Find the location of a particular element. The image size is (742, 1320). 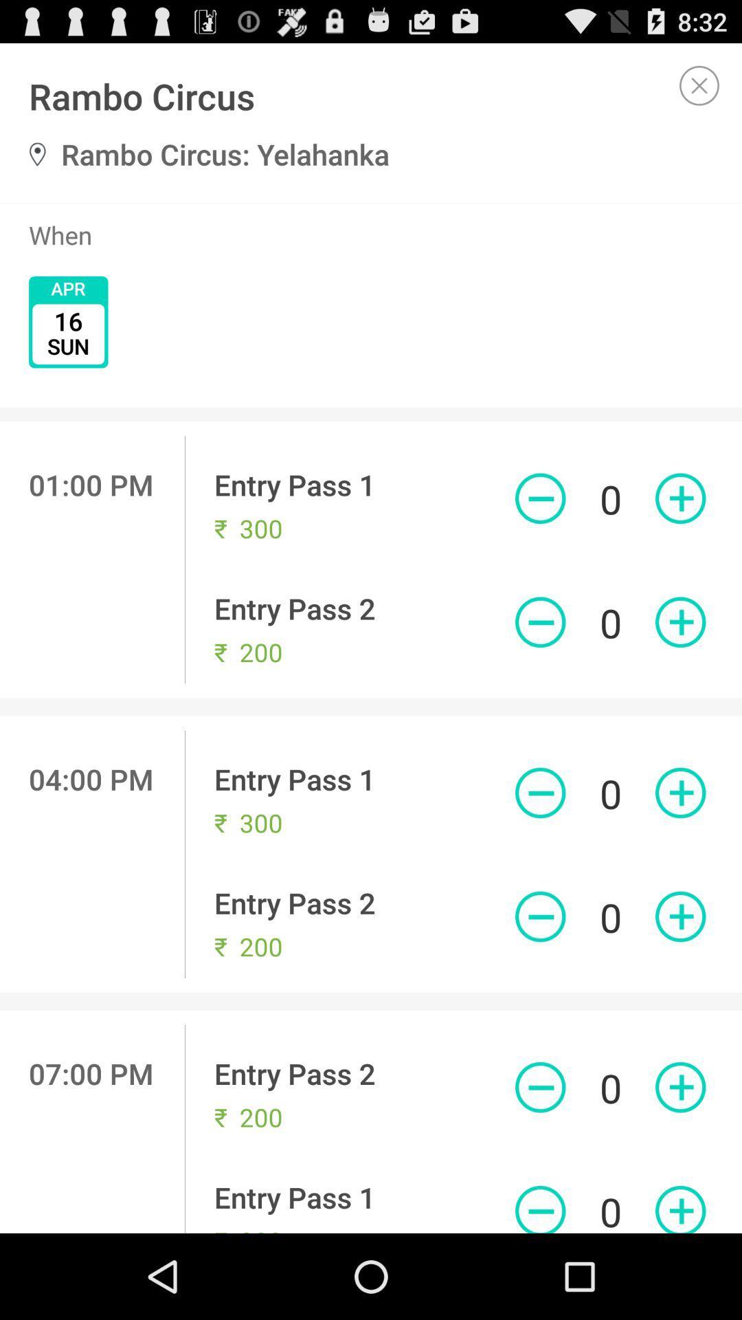

the close icon is located at coordinates (699, 91).